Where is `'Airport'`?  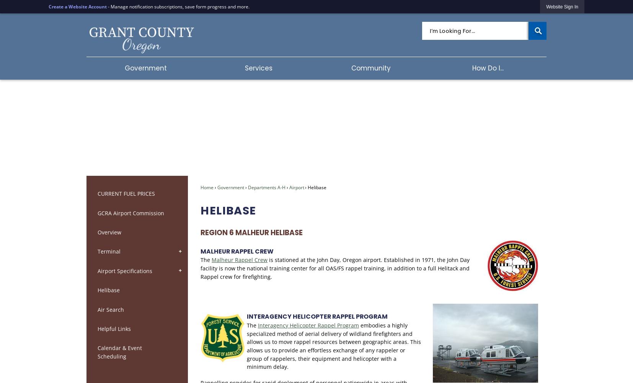 'Airport' is located at coordinates (296, 187).